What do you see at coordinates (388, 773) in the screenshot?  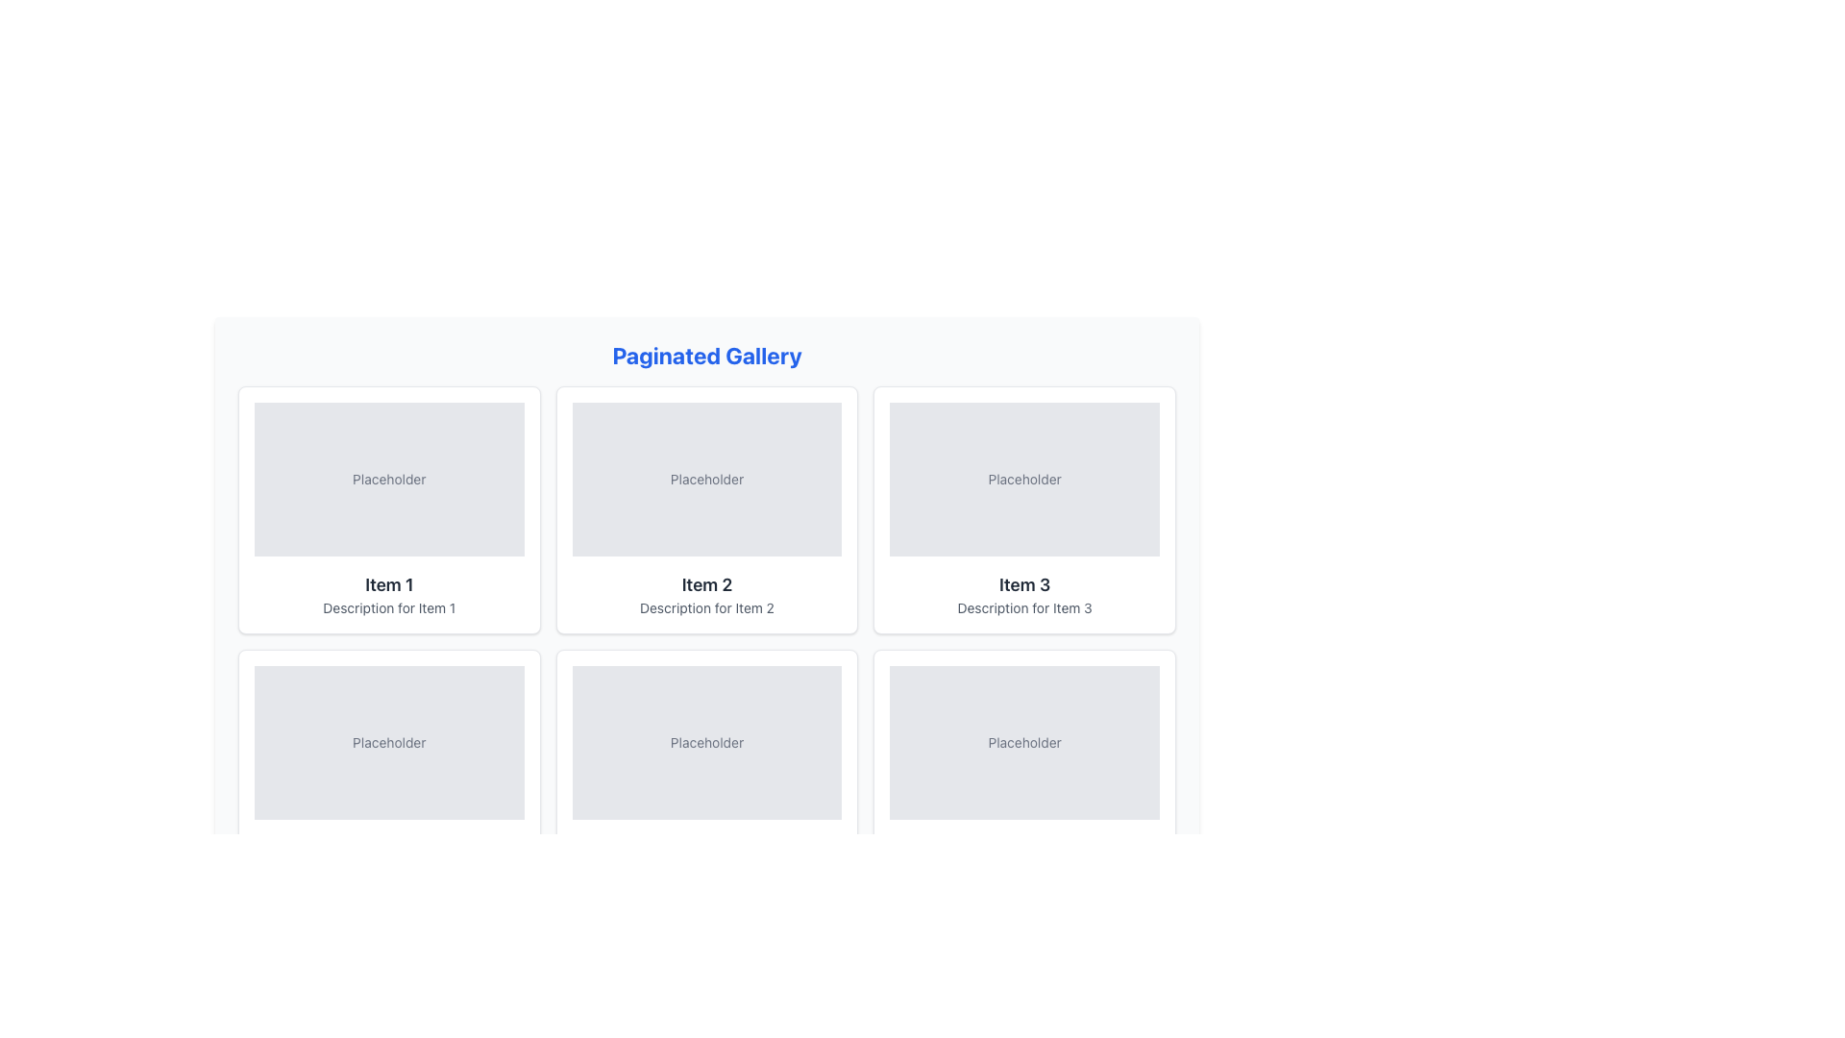 I see `the display card component that shows a placeholder image, title, and description, positioned as the first item in the second row of a grid layout to trigger the hover effect` at bounding box center [388, 773].